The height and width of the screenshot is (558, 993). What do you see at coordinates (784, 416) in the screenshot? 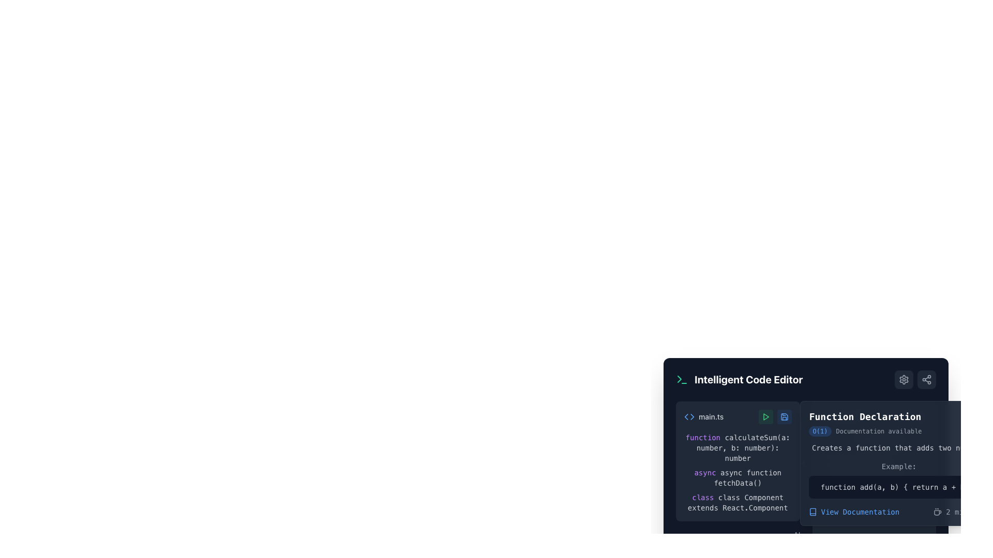
I see `the square button with a blue background and a save icon` at bounding box center [784, 416].